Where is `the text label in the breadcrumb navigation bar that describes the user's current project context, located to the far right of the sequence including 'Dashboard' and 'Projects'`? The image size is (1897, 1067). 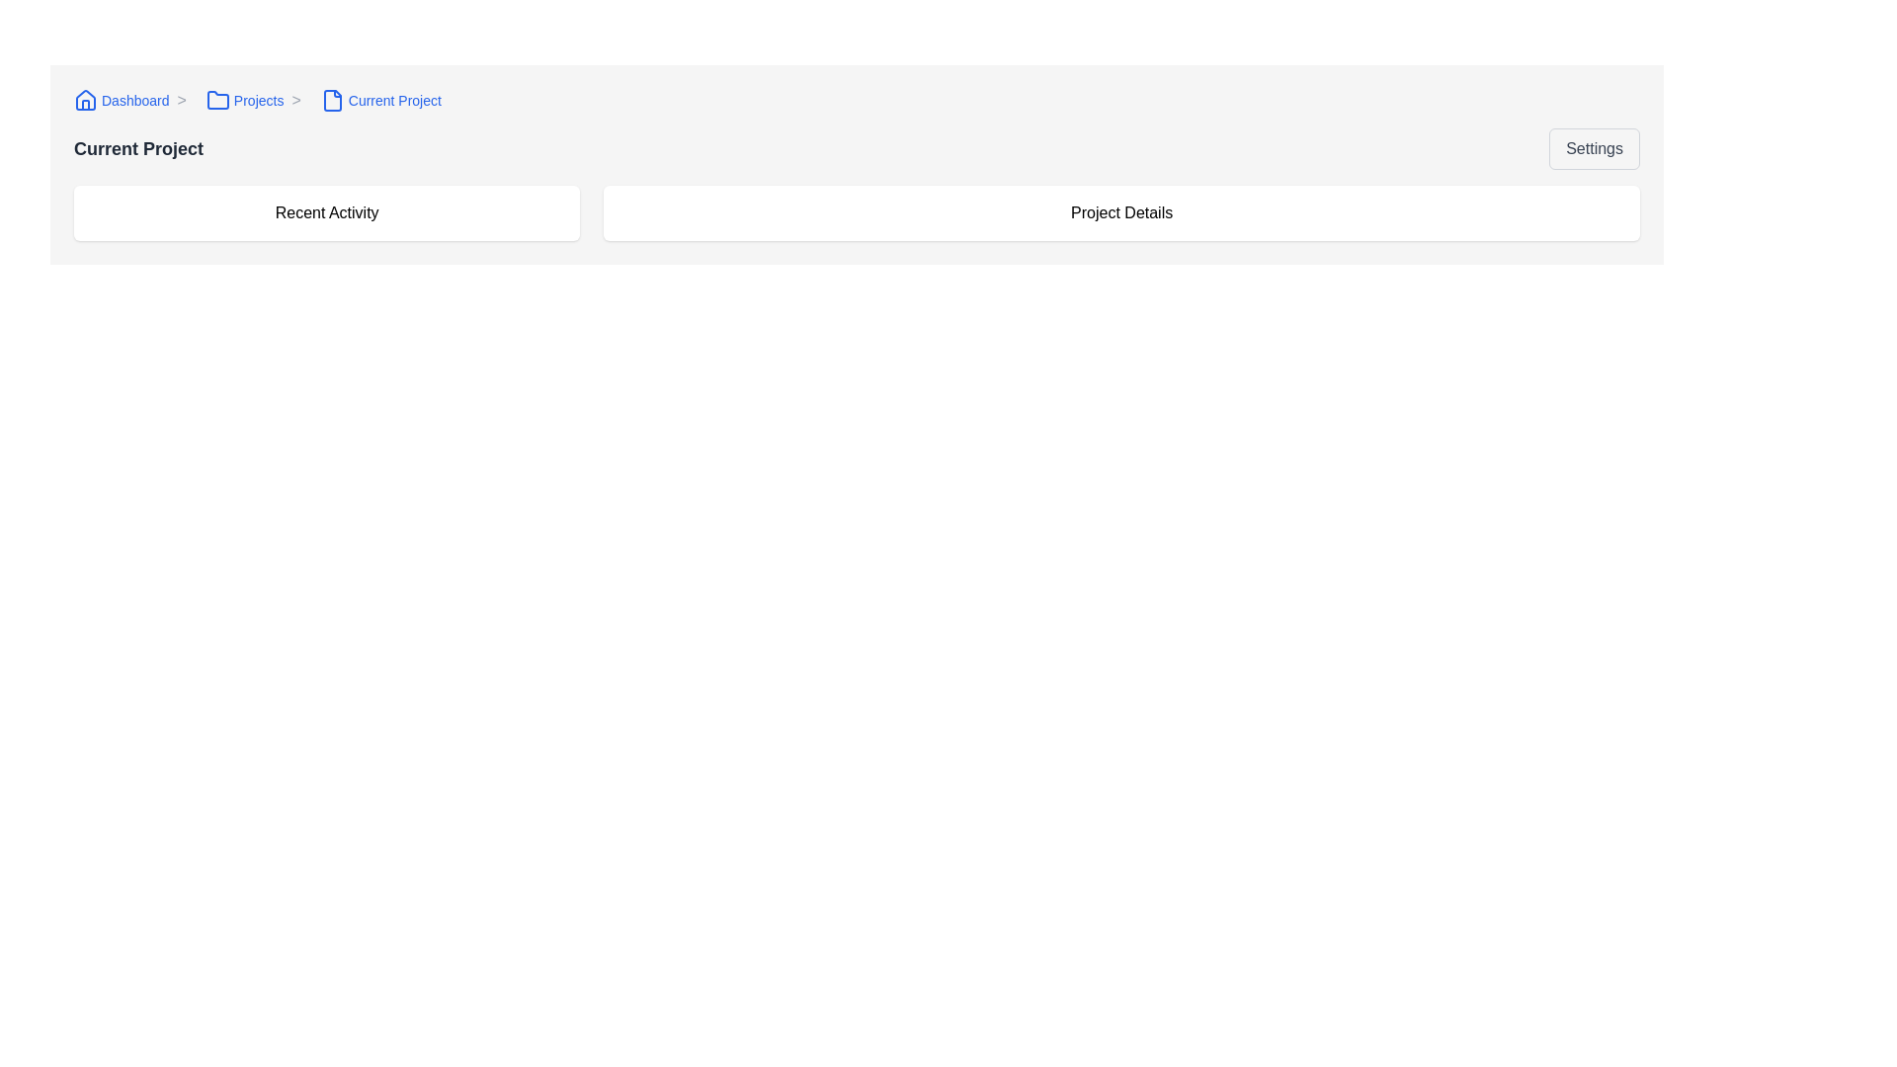 the text label in the breadcrumb navigation bar that describes the user's current project context, located to the far right of the sequence including 'Dashboard' and 'Projects' is located at coordinates (394, 100).